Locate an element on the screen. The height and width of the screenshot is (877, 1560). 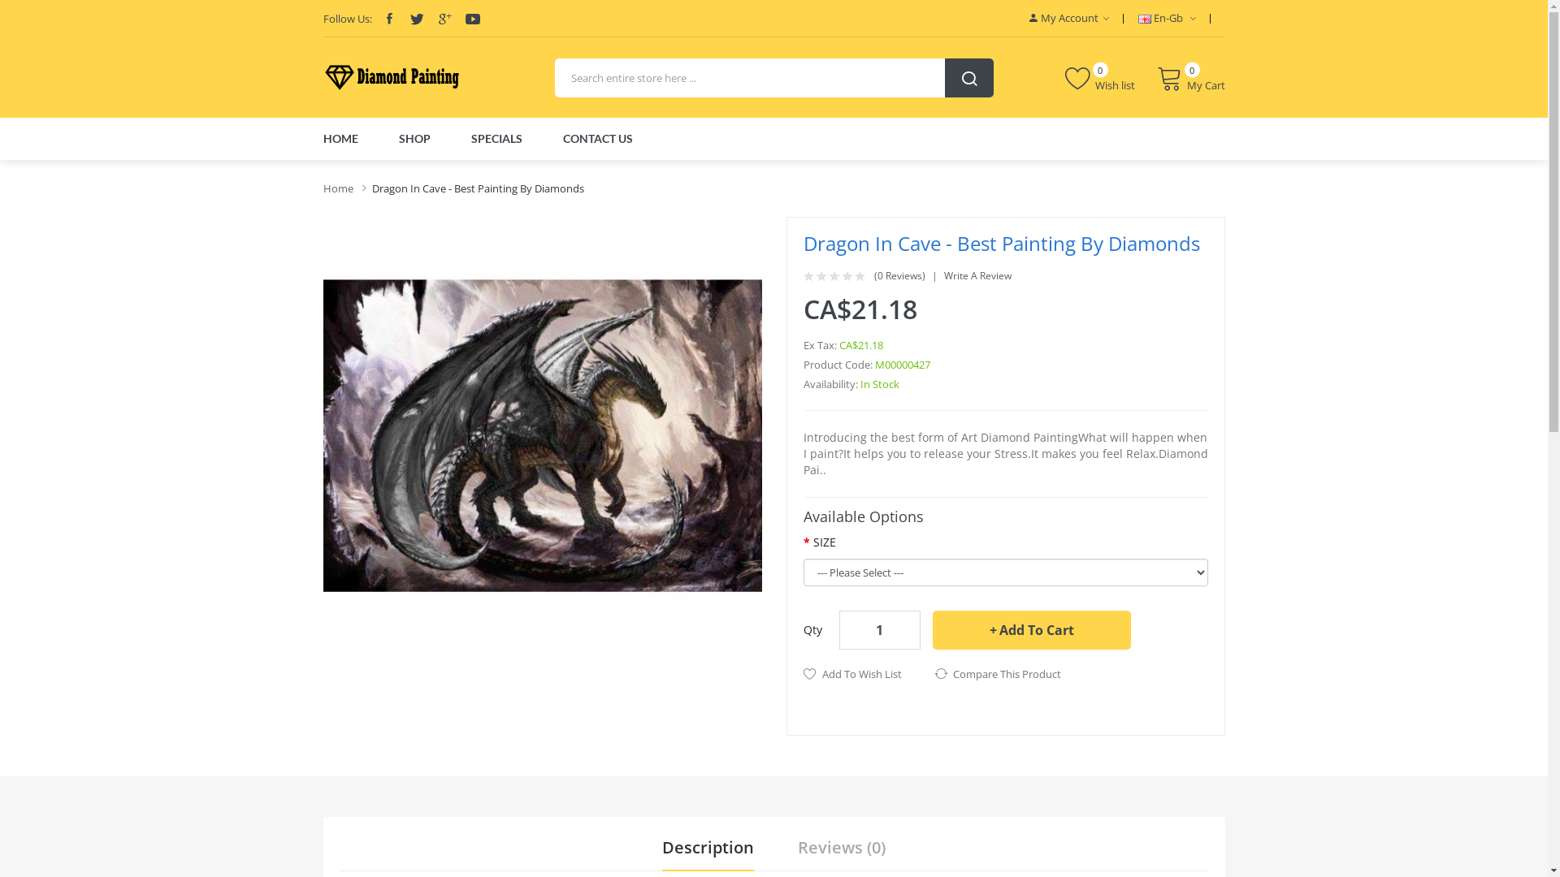
'Home' is located at coordinates (337, 187).